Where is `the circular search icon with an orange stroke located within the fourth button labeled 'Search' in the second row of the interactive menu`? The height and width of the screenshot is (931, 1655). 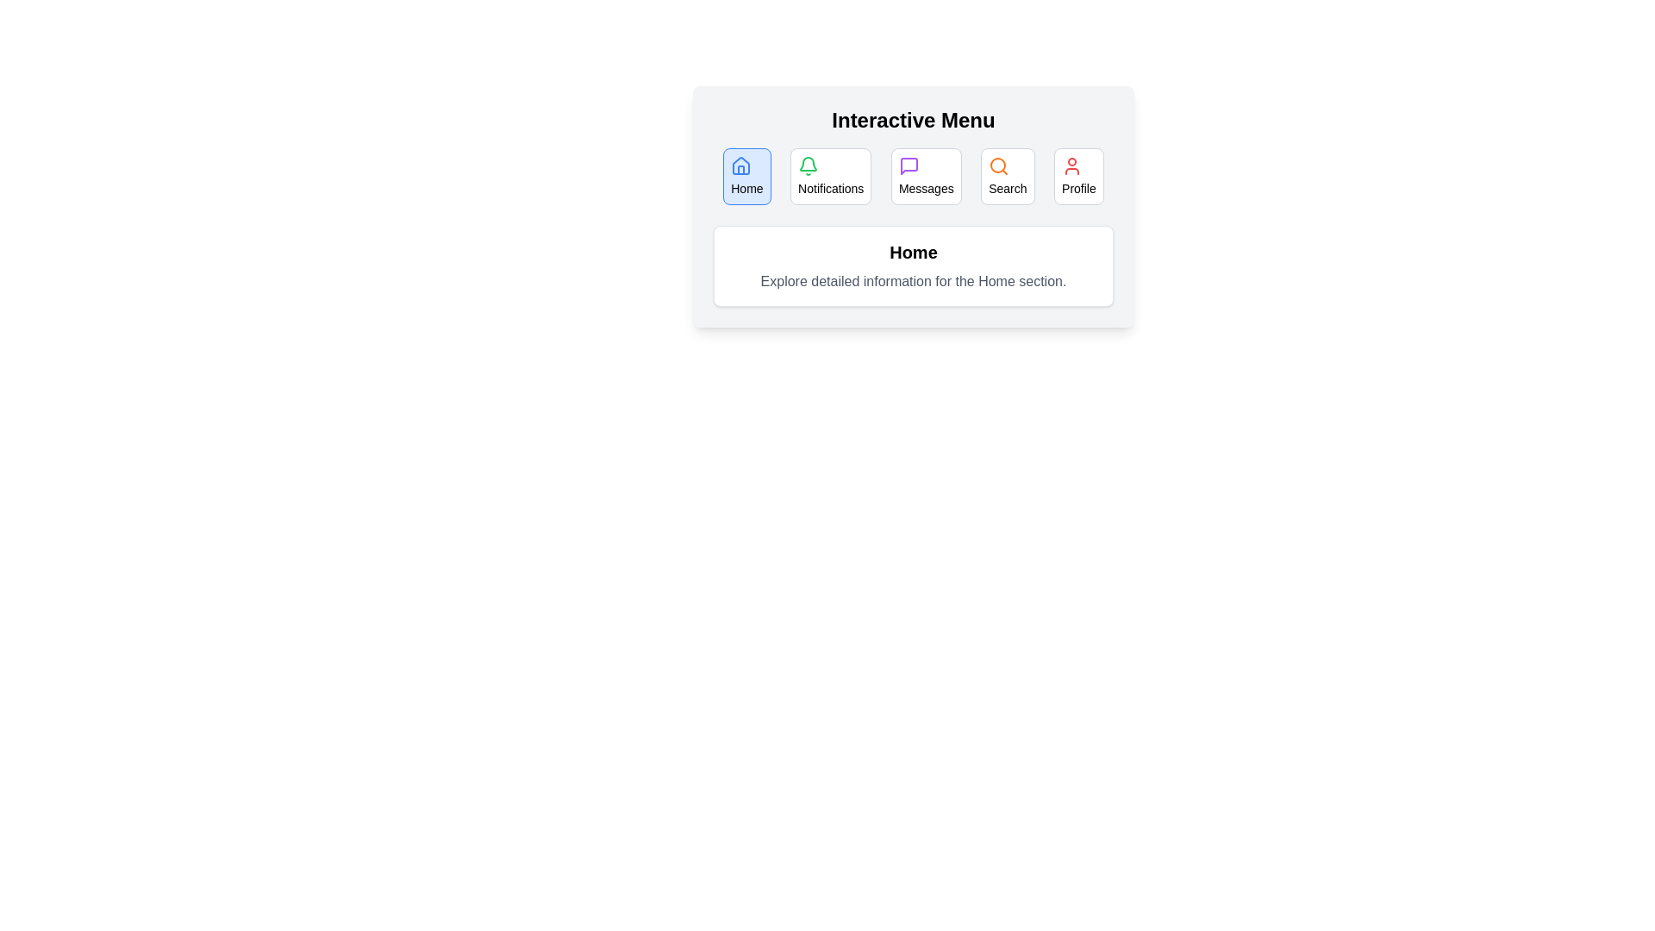
the circular search icon with an orange stroke located within the fourth button labeled 'Search' in the second row of the interactive menu is located at coordinates (999, 166).